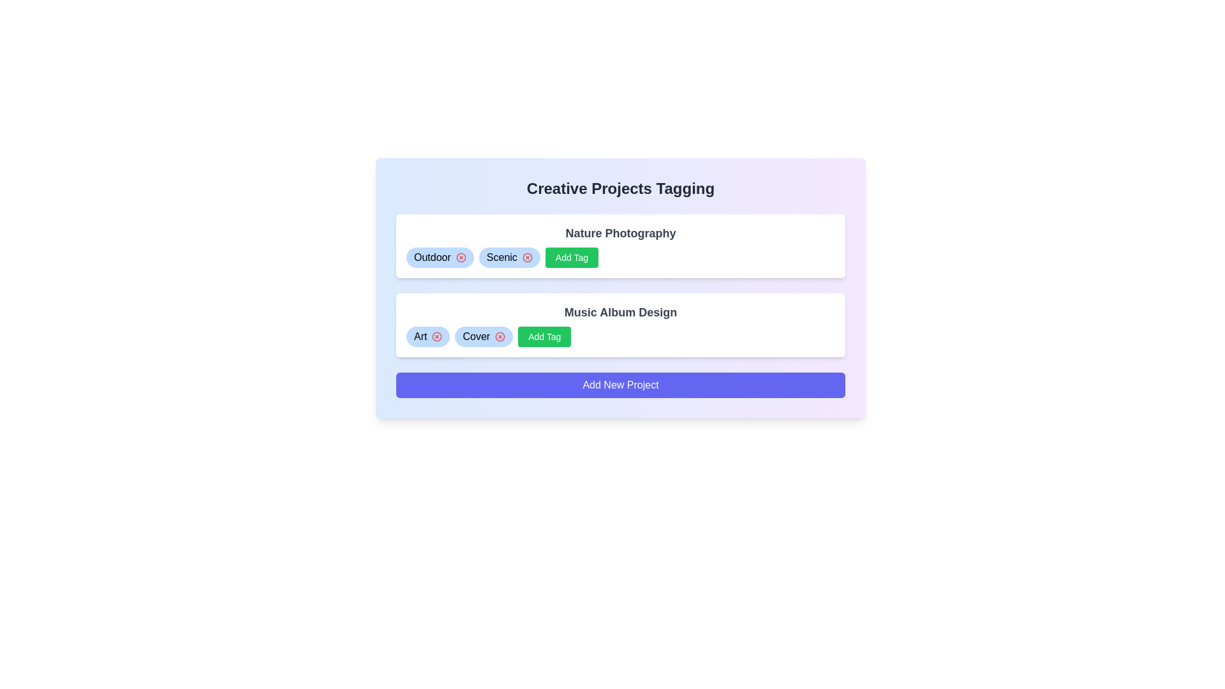 The image size is (1225, 689). Describe the element at coordinates (460, 258) in the screenshot. I see `the close button located on the far right side of the 'Outdoor' label` at that location.